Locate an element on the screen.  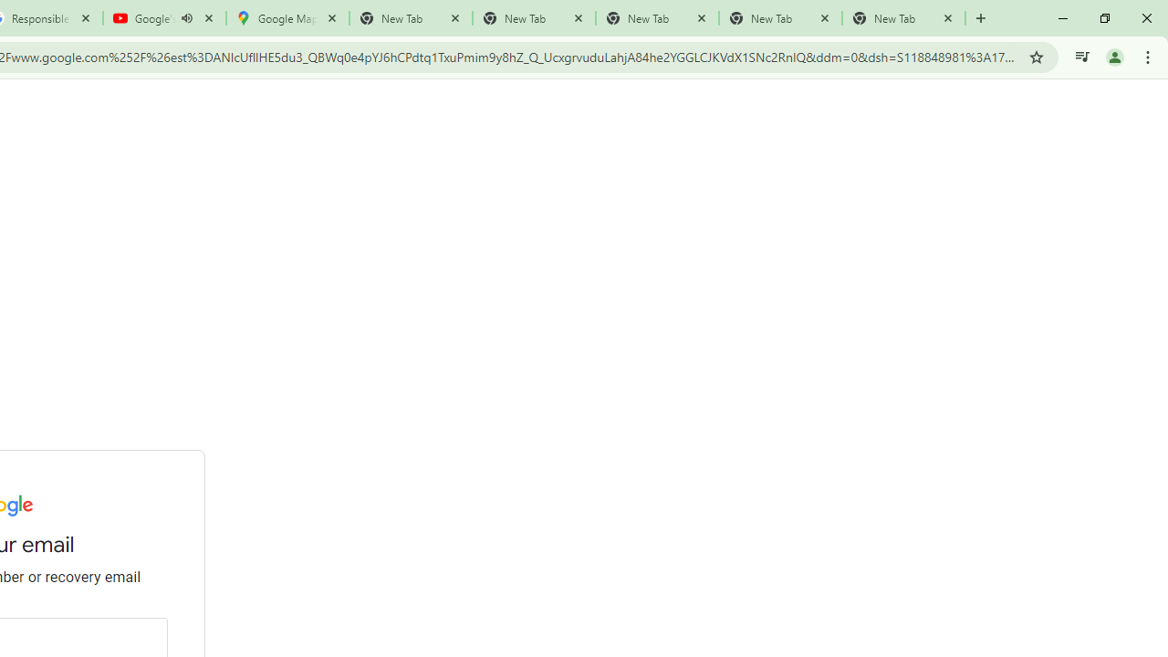
'Mute tab' is located at coordinates (186, 18).